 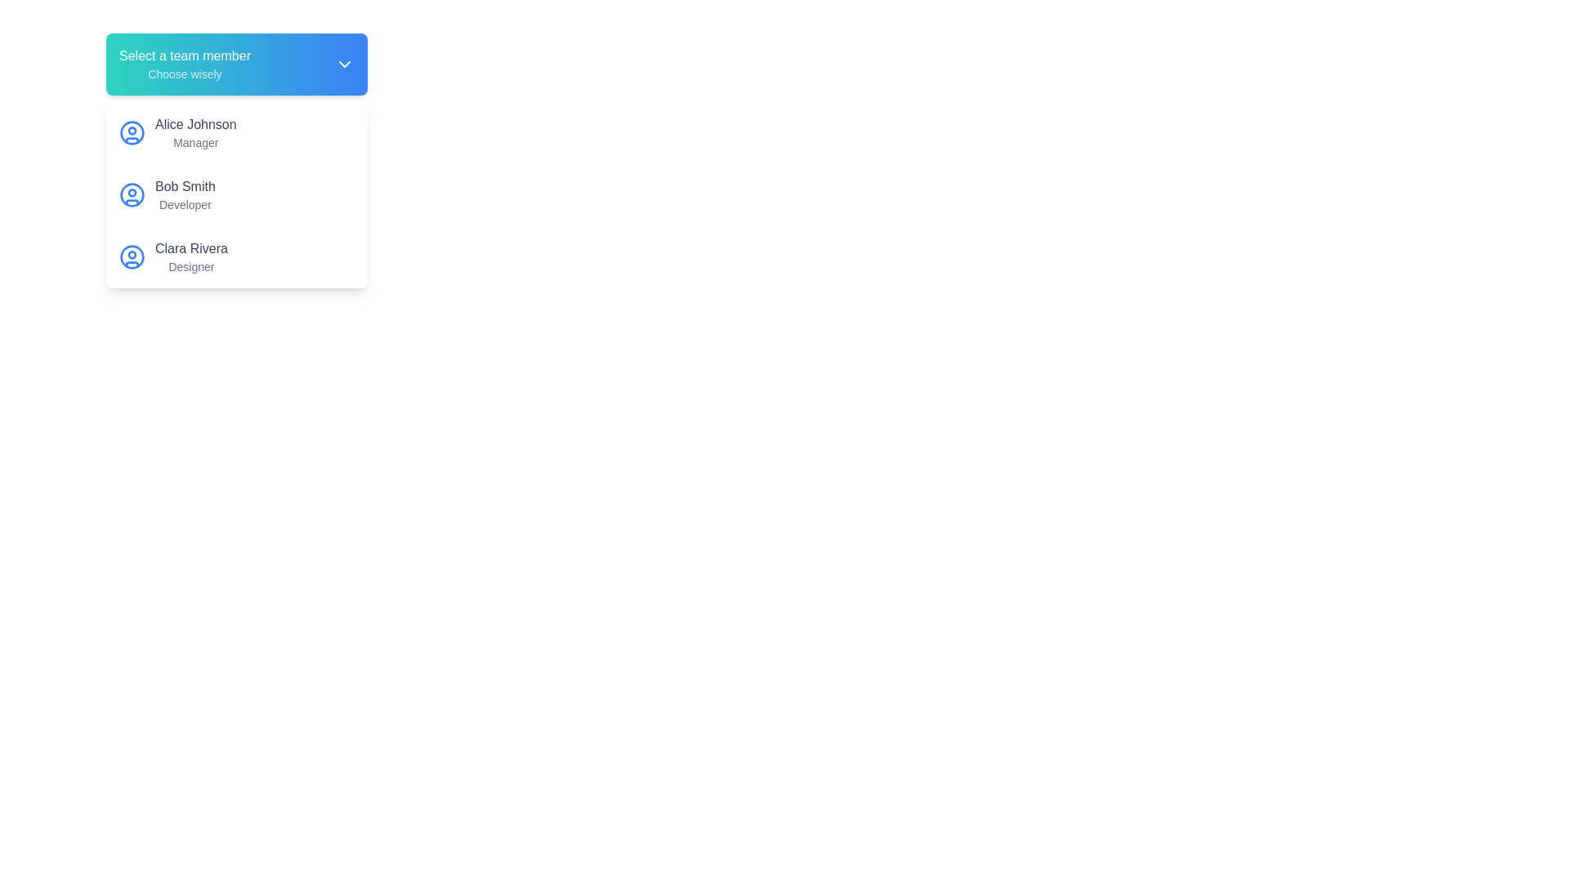 I want to click on the second entry in the dropdown menu, which represents 'Bob Smith', so click(x=235, y=194).